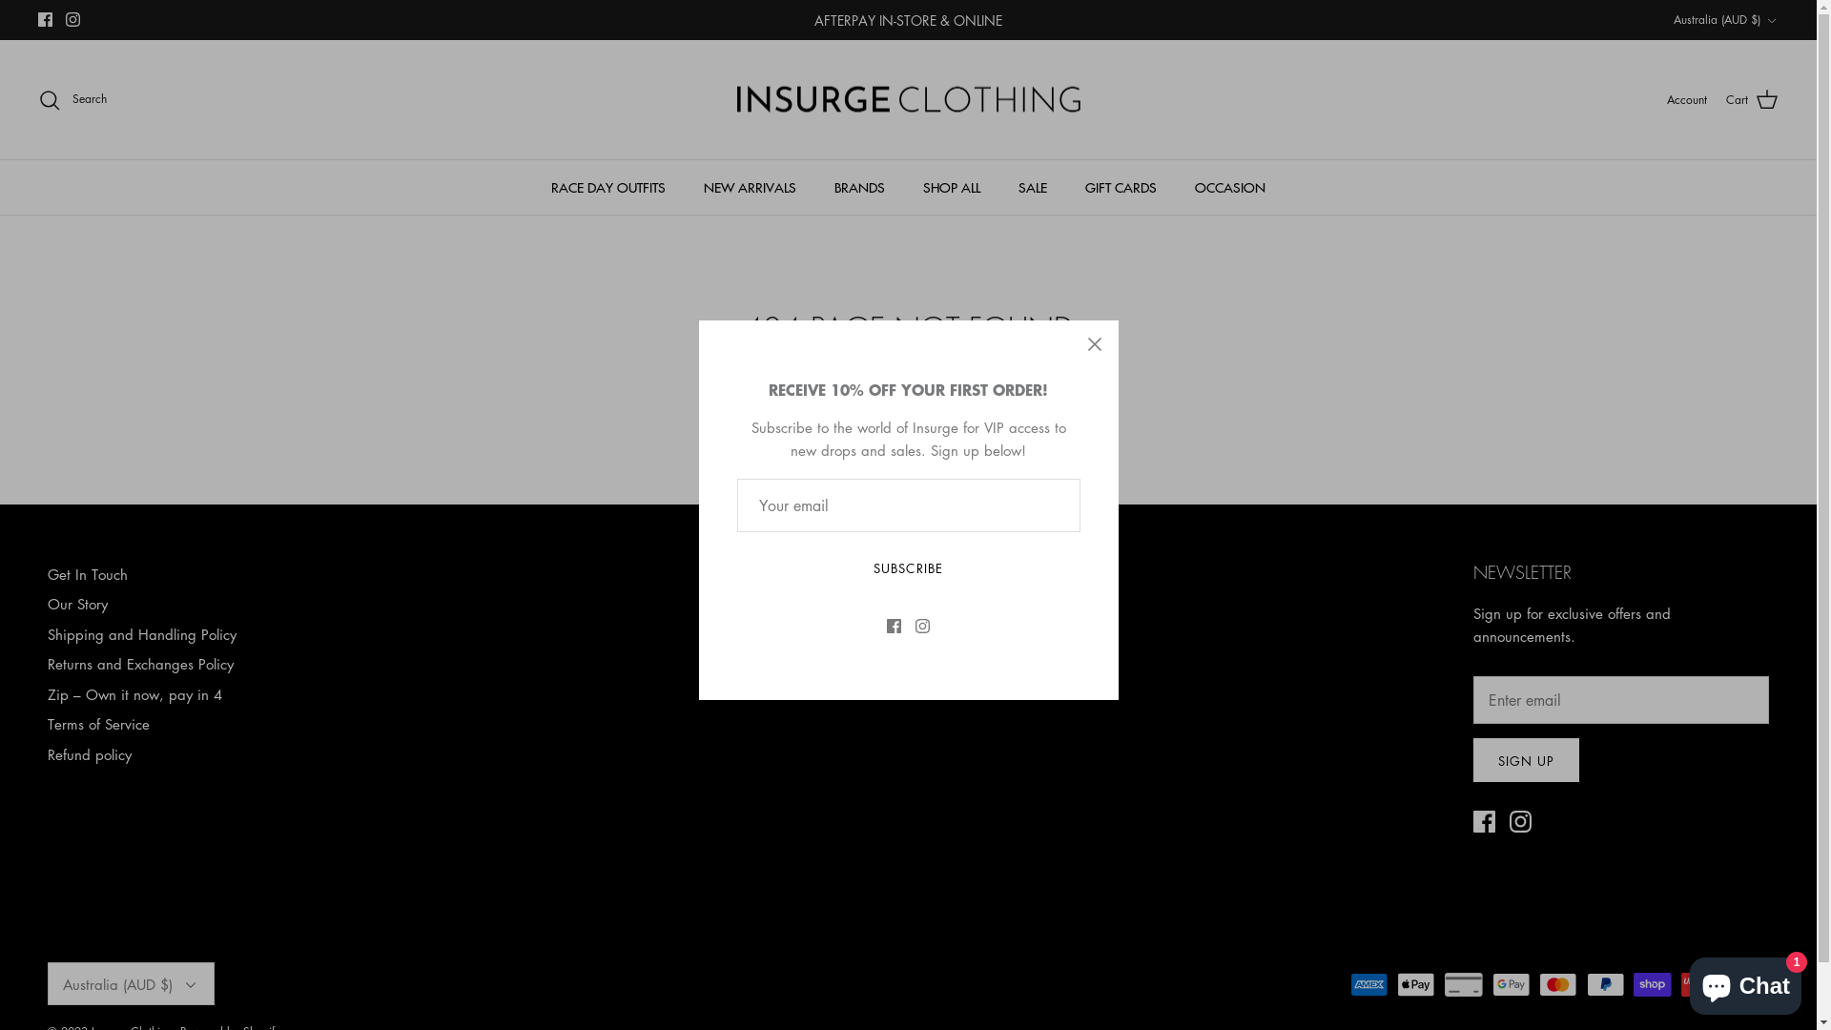 The image size is (1831, 1030). What do you see at coordinates (952, 187) in the screenshot?
I see `'SHOP ALL'` at bounding box center [952, 187].